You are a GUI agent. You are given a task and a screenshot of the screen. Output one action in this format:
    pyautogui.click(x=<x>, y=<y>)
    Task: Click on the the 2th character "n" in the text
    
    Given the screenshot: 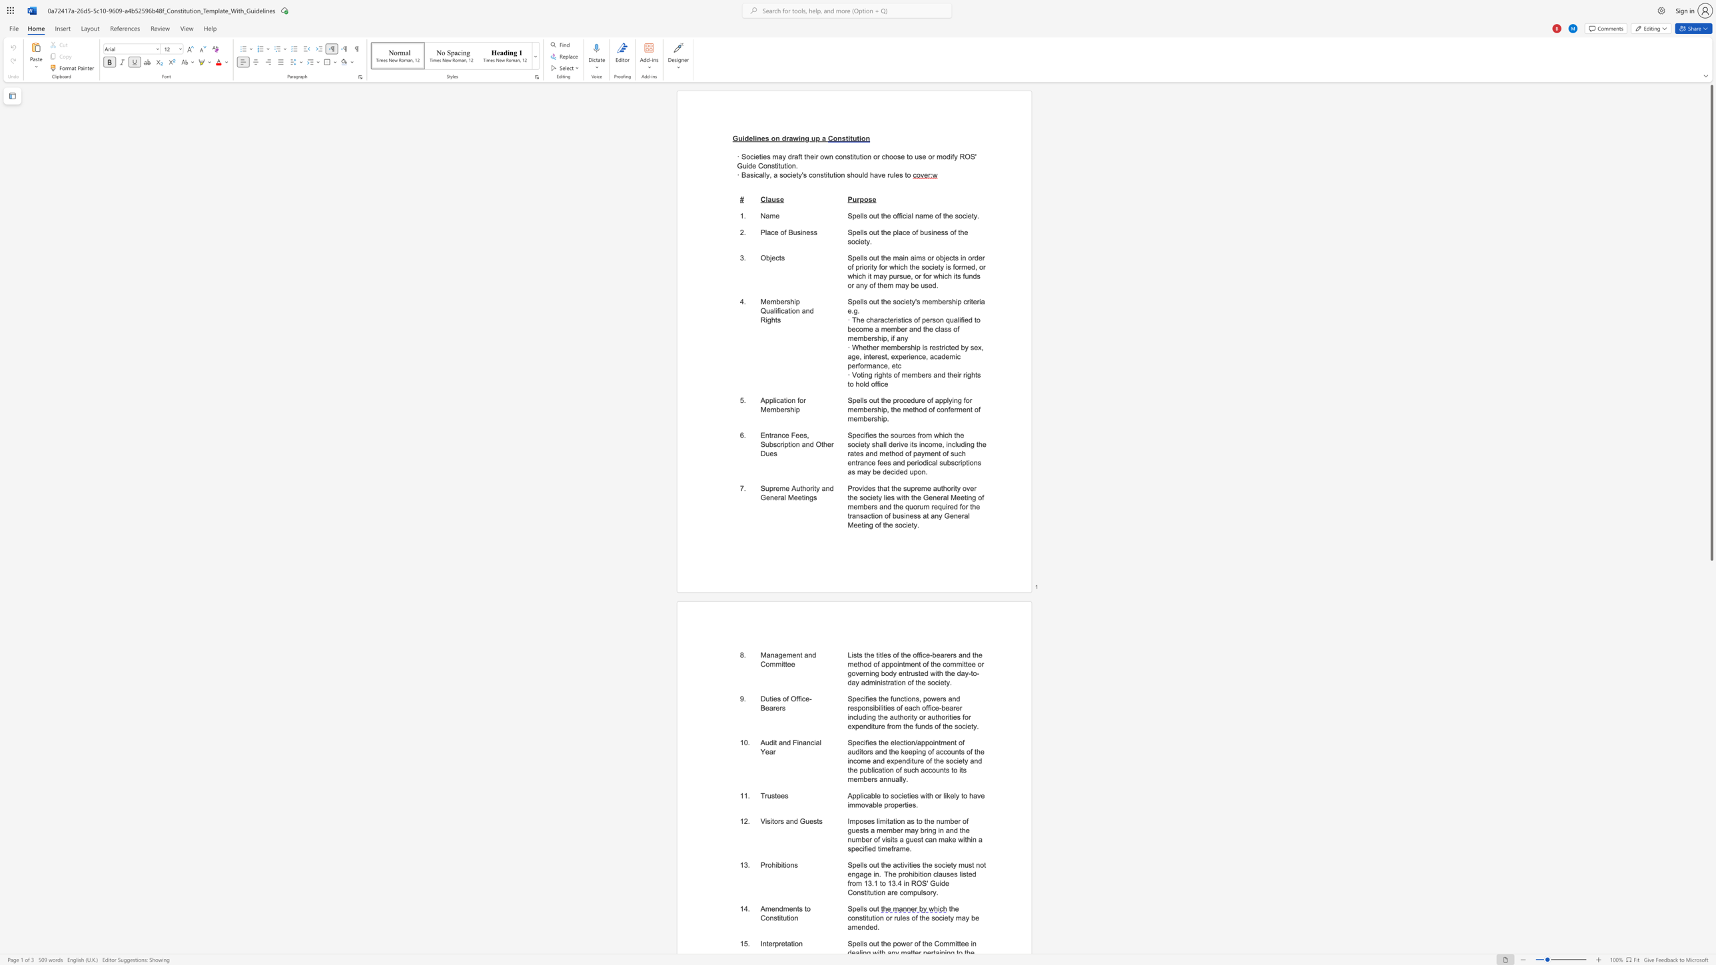 What is the action you would take?
    pyautogui.click(x=777, y=138)
    